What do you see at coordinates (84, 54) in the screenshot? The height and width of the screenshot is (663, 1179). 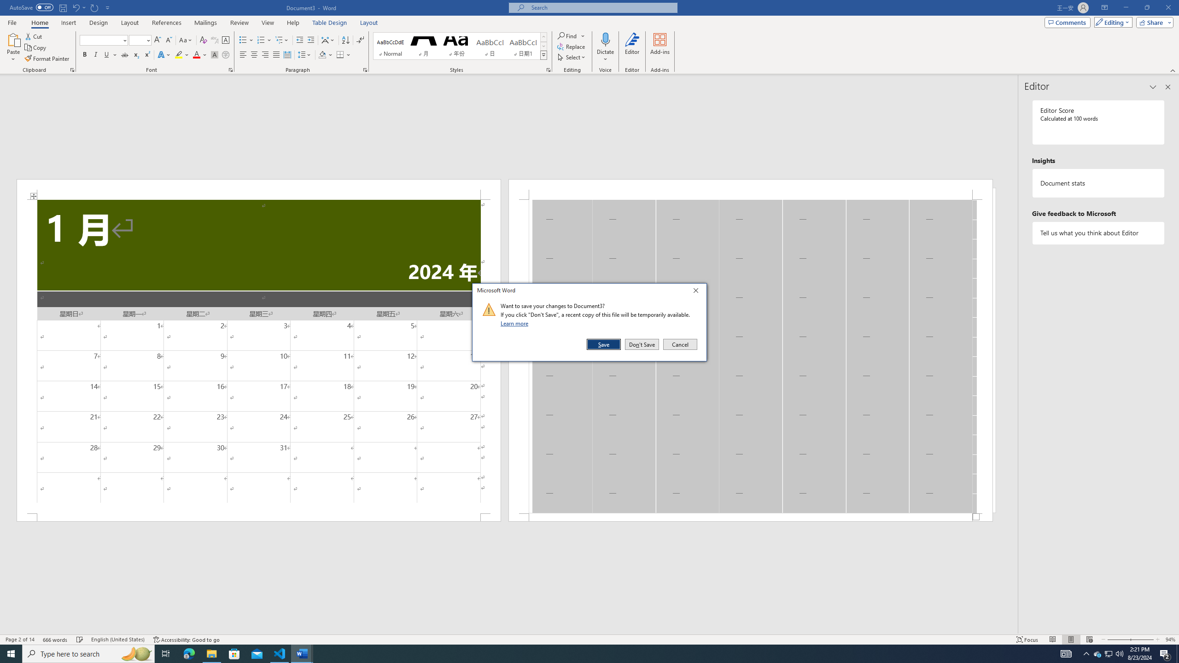 I see `'Bold'` at bounding box center [84, 54].